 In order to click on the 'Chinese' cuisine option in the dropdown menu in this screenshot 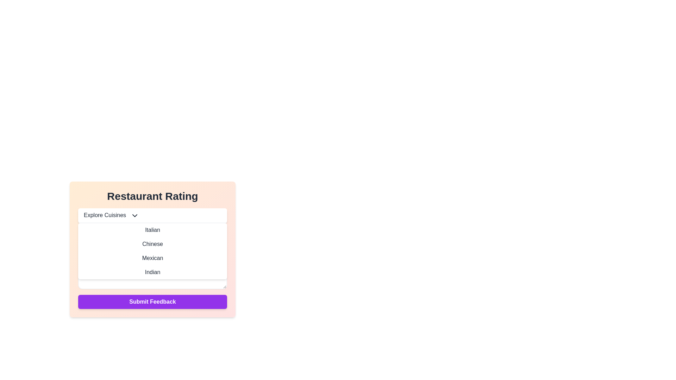, I will do `click(152, 243)`.